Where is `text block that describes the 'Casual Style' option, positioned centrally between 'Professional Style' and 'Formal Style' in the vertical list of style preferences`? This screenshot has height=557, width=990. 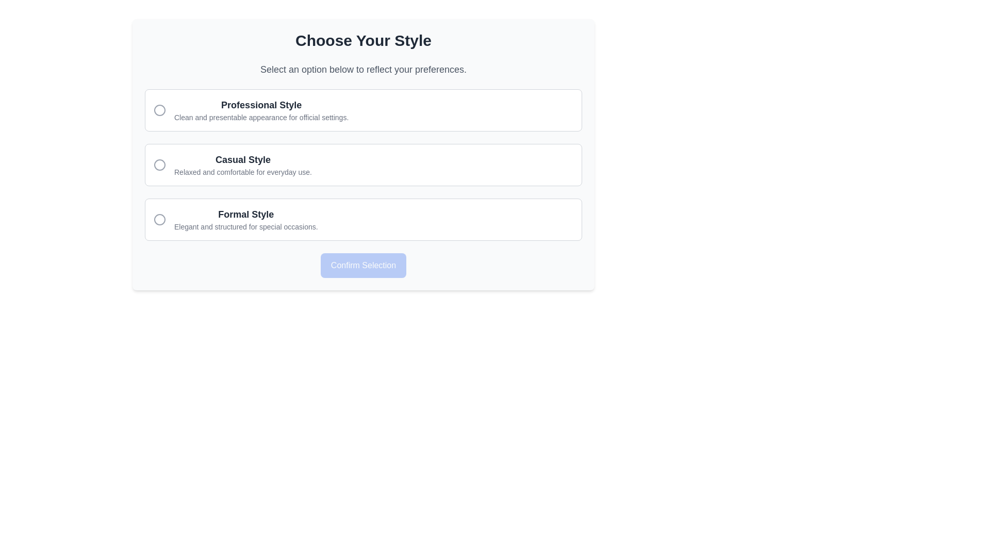 text block that describes the 'Casual Style' option, positioned centrally between 'Professional Style' and 'Formal Style' in the vertical list of style preferences is located at coordinates (242, 165).